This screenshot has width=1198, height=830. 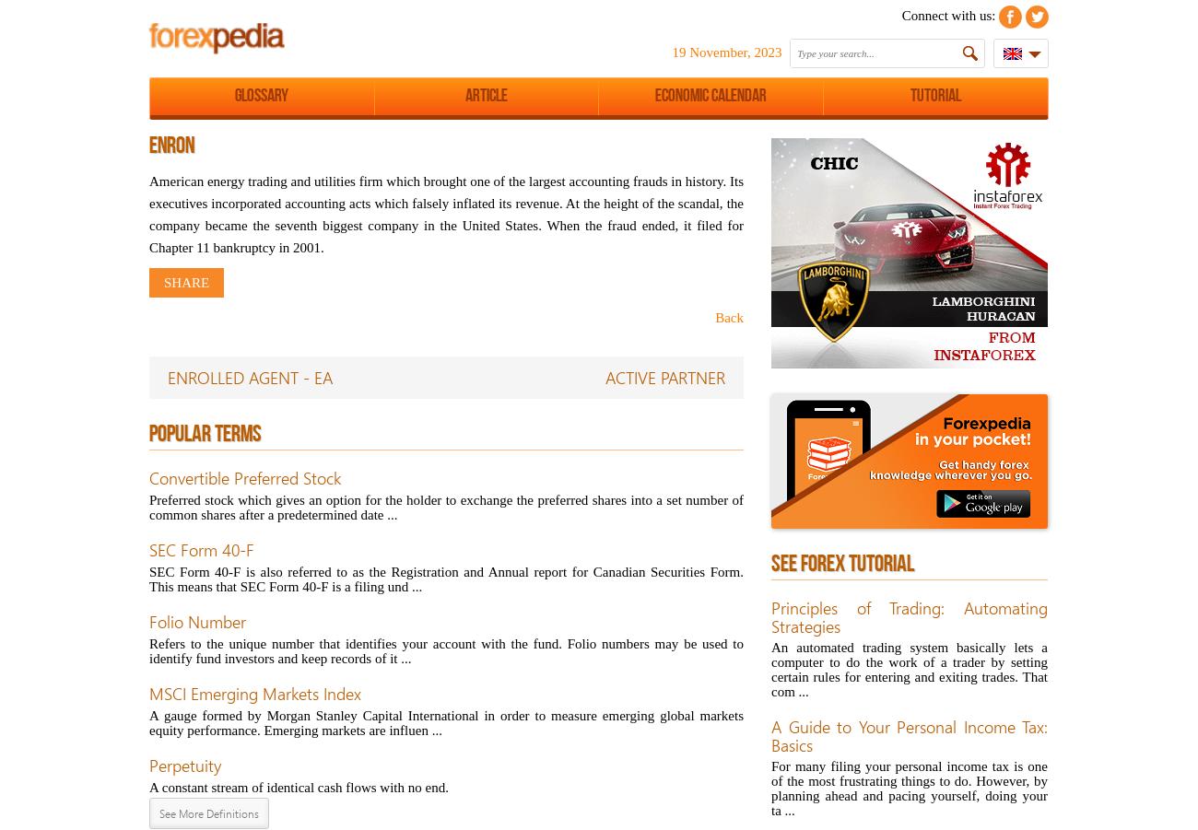 I want to click on 'American energy trading and utilities firm which brought one of the largest accounting frauds in history. Its executives incorporated accounting acts which falsely inflated its revenue. At the height of the scandal, the company became the seventh biggest company in the United States. When the fraud ended, it filed for Chapter 11 bankruptcy in 2001.', so click(x=445, y=213).